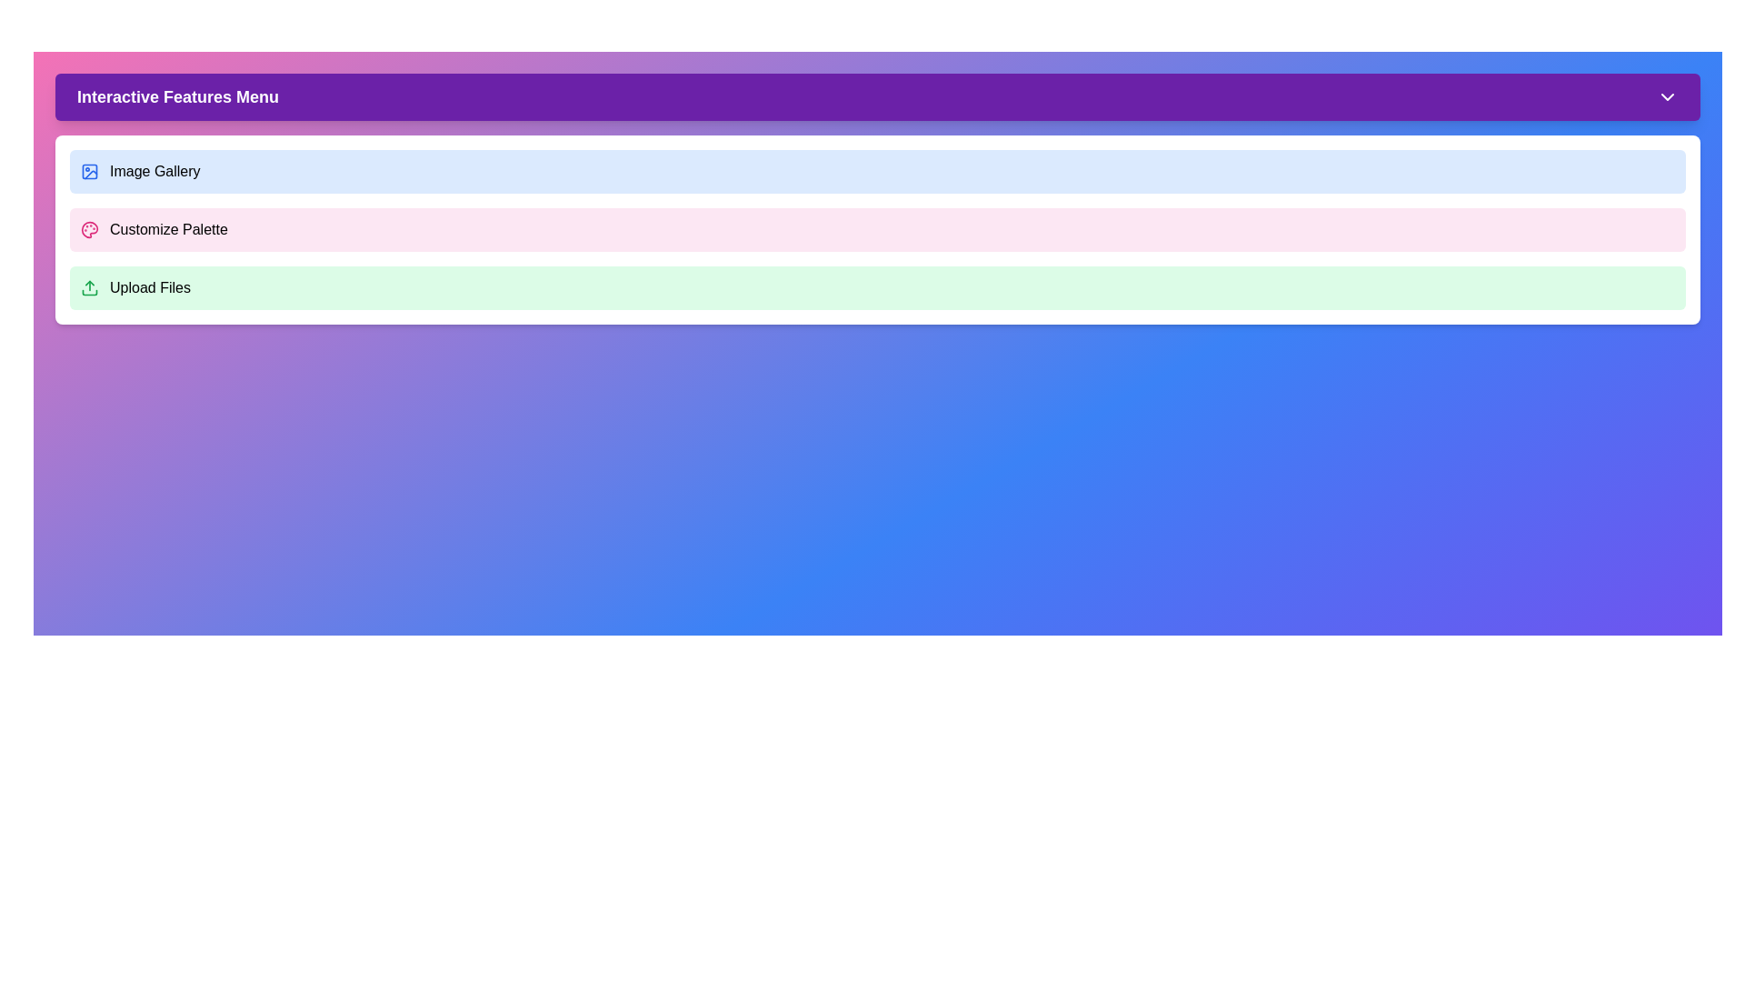 The height and width of the screenshot is (982, 1745). Describe the element at coordinates (877, 229) in the screenshot. I see `the 'Customize Palette' option in the menu` at that location.